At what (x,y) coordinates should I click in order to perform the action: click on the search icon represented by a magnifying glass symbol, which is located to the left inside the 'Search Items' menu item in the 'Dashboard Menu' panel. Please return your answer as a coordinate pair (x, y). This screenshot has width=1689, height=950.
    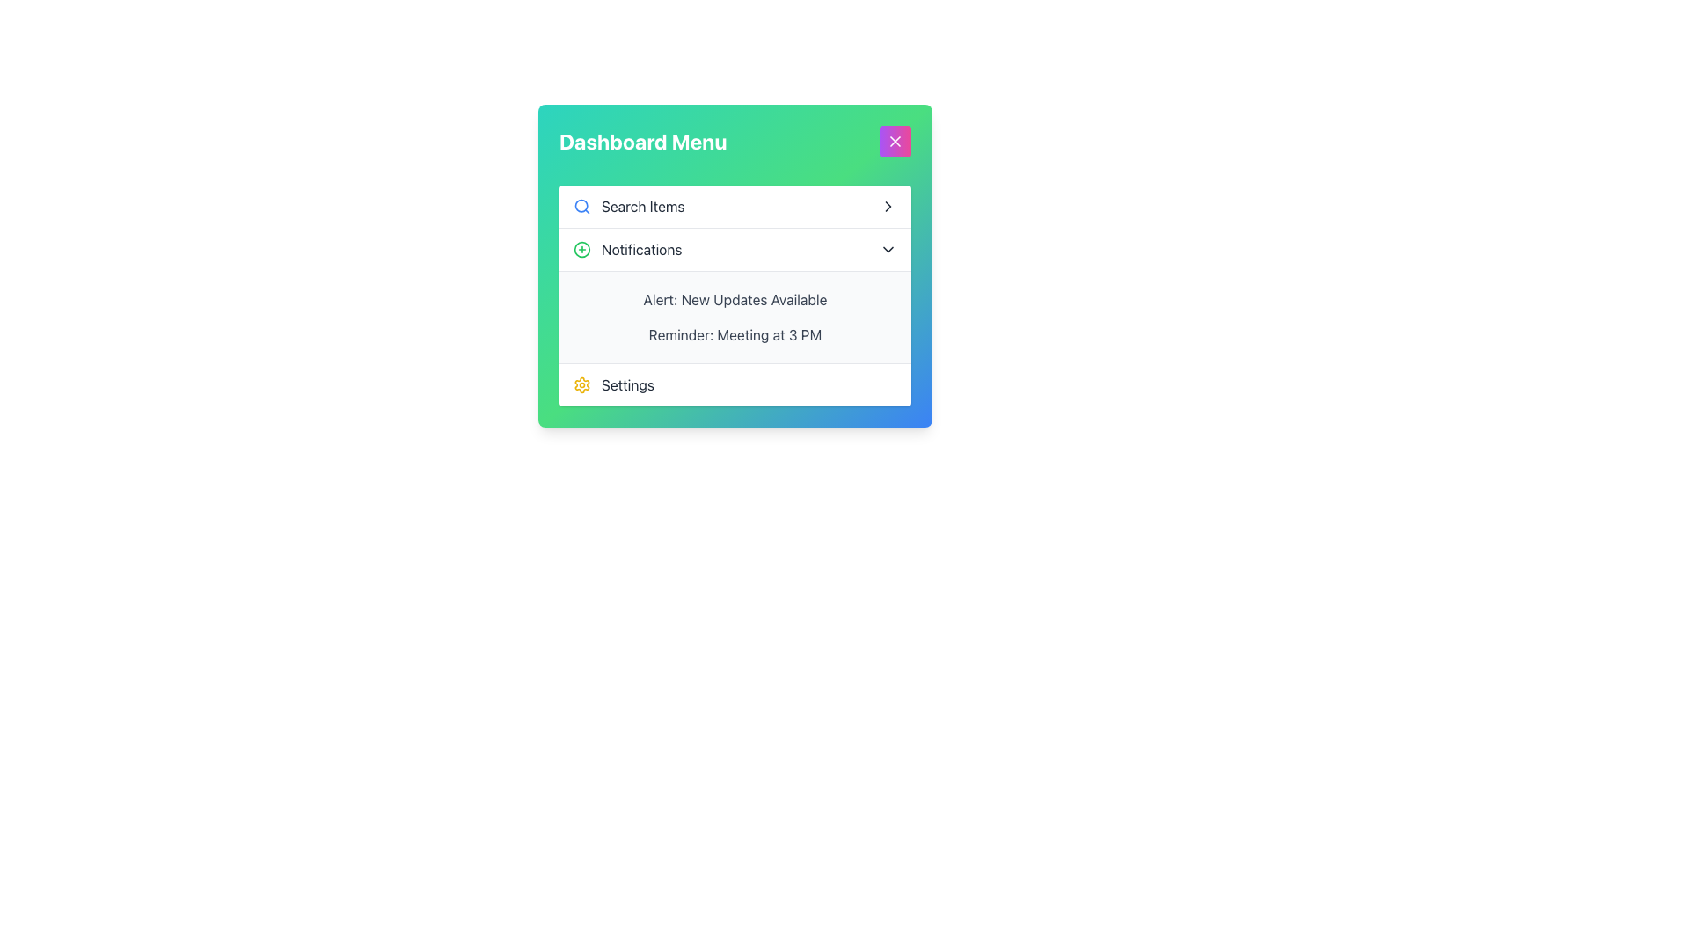
    Looking at the image, I should click on (582, 206).